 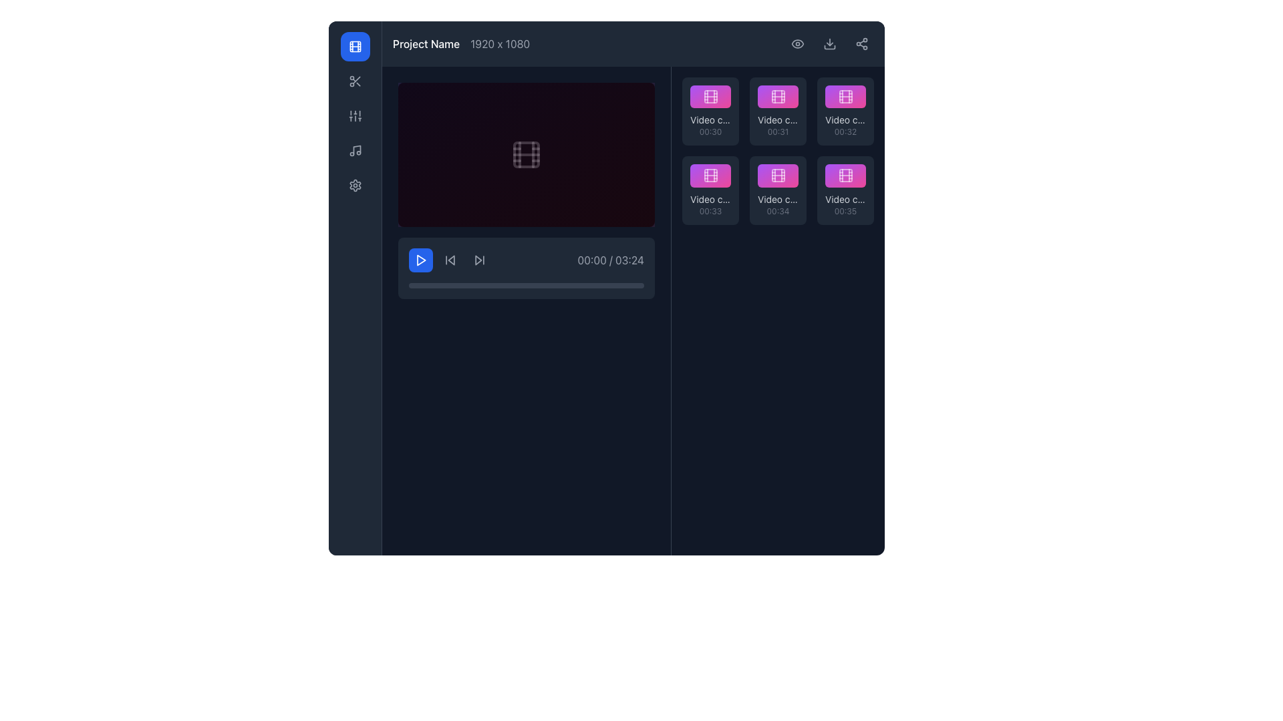 I want to click on the static text label displaying 'Project Name' in white font, which is styled prominently on a dark background, located near the upper-left region of the interface, so click(x=426, y=43).